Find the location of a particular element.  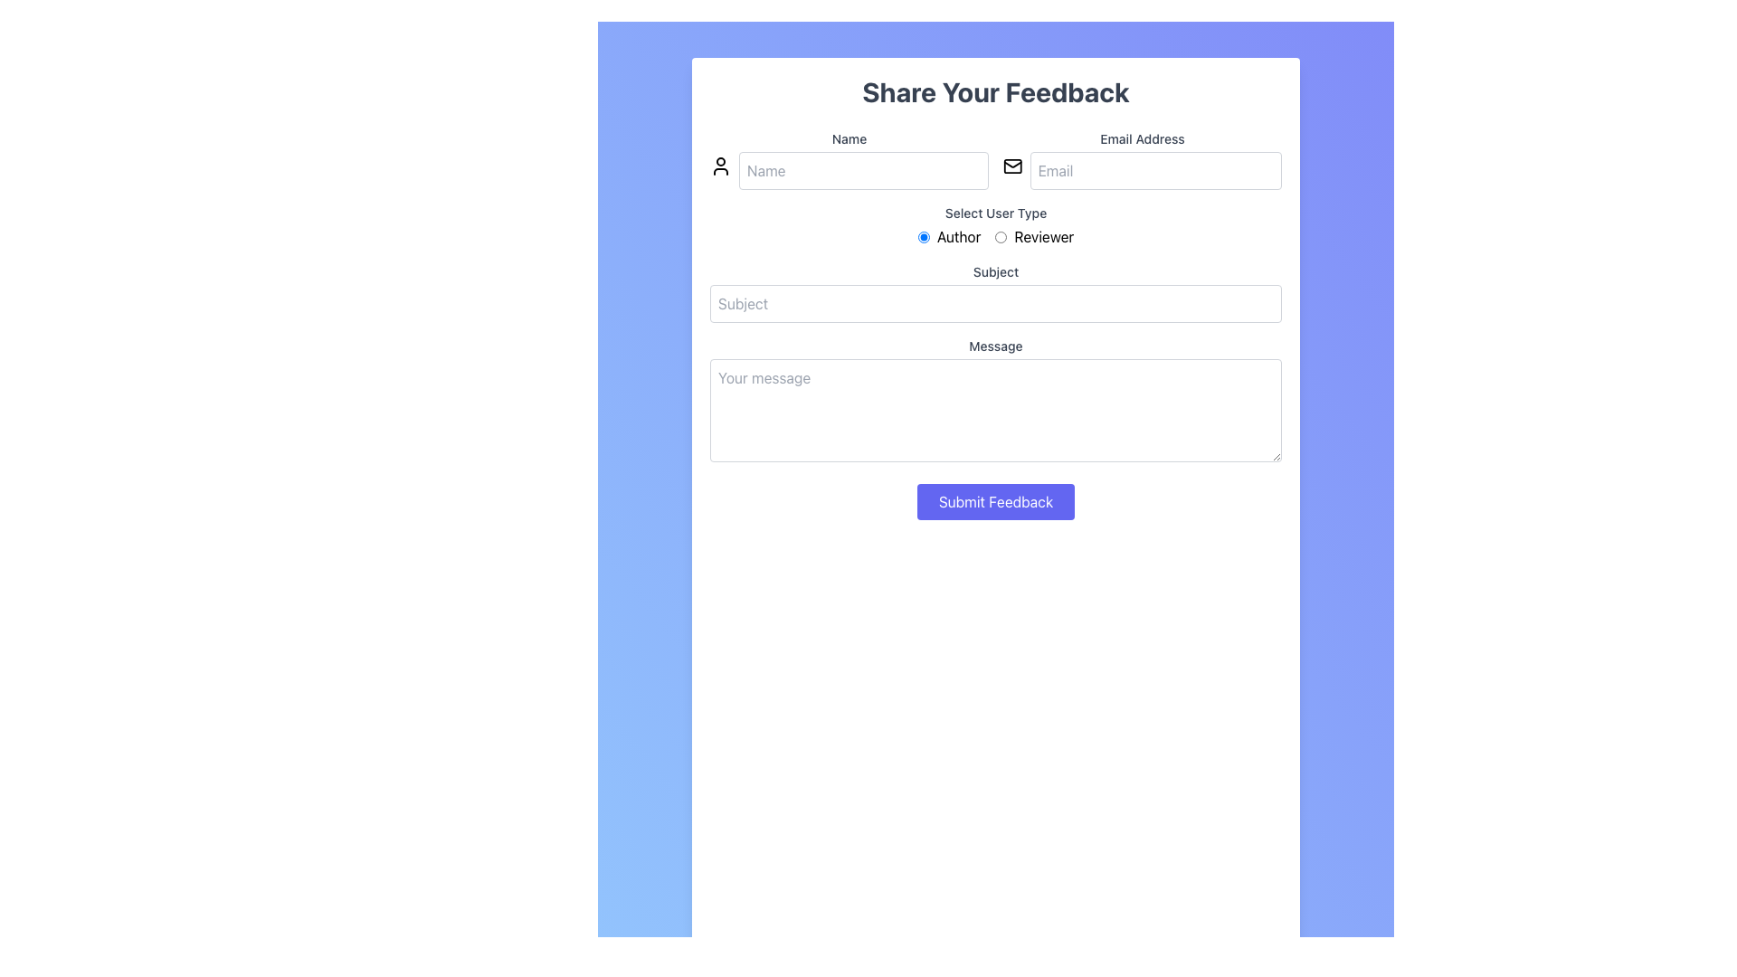

the text label reading 'Email Address' that is positioned above the email input field is located at coordinates (1141, 138).